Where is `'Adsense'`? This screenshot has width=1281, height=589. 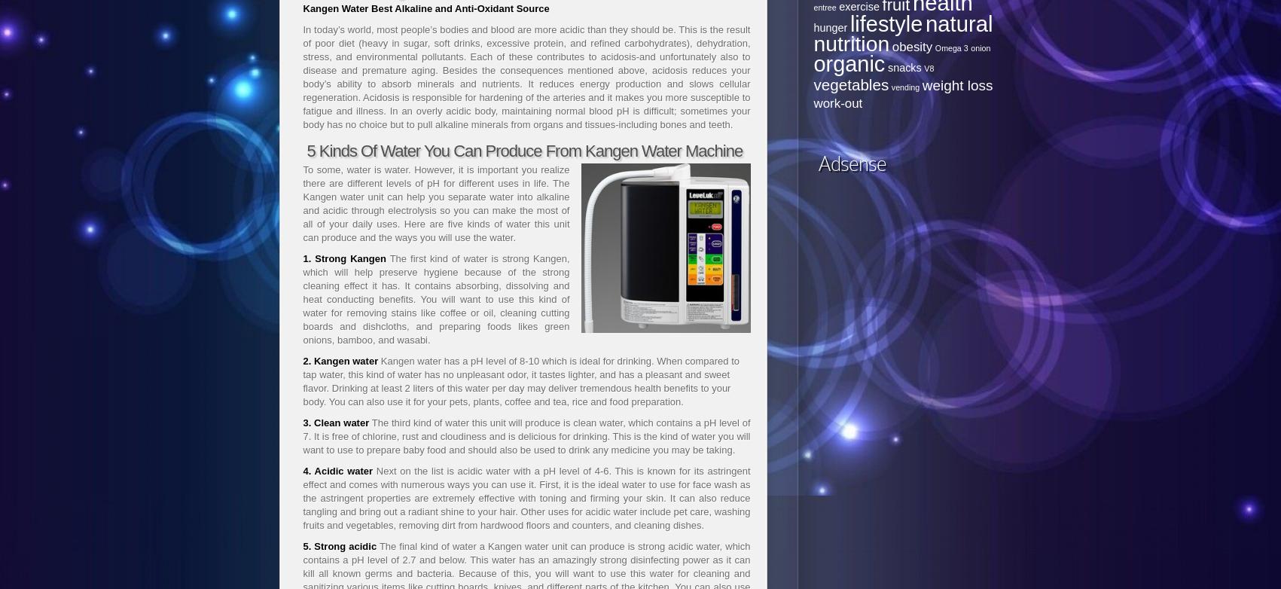 'Adsense' is located at coordinates (850, 163).